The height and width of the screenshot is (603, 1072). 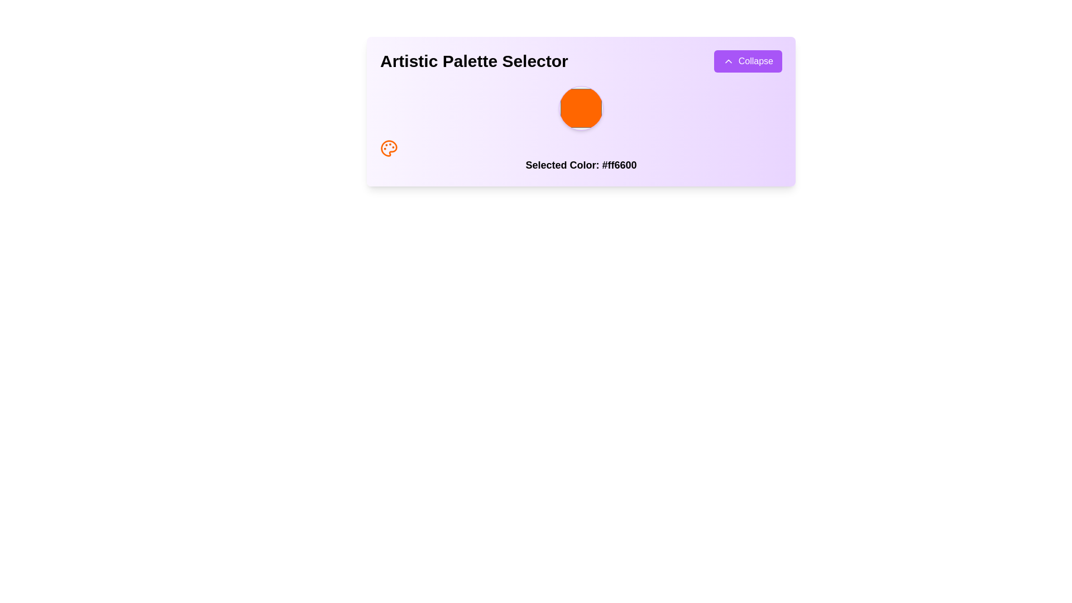 I want to click on the color display that visually represents the current selected color (#ff6600) in the 'Artistic Palette Selector' interface, so click(x=581, y=108).